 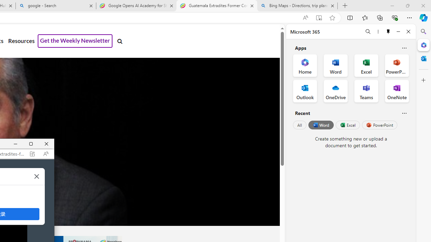 What do you see at coordinates (347, 125) in the screenshot?
I see `'Excel'` at bounding box center [347, 125].